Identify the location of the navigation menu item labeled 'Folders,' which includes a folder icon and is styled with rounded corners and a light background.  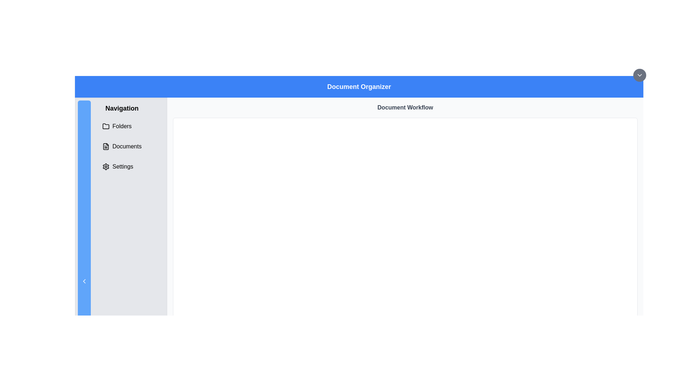
(122, 126).